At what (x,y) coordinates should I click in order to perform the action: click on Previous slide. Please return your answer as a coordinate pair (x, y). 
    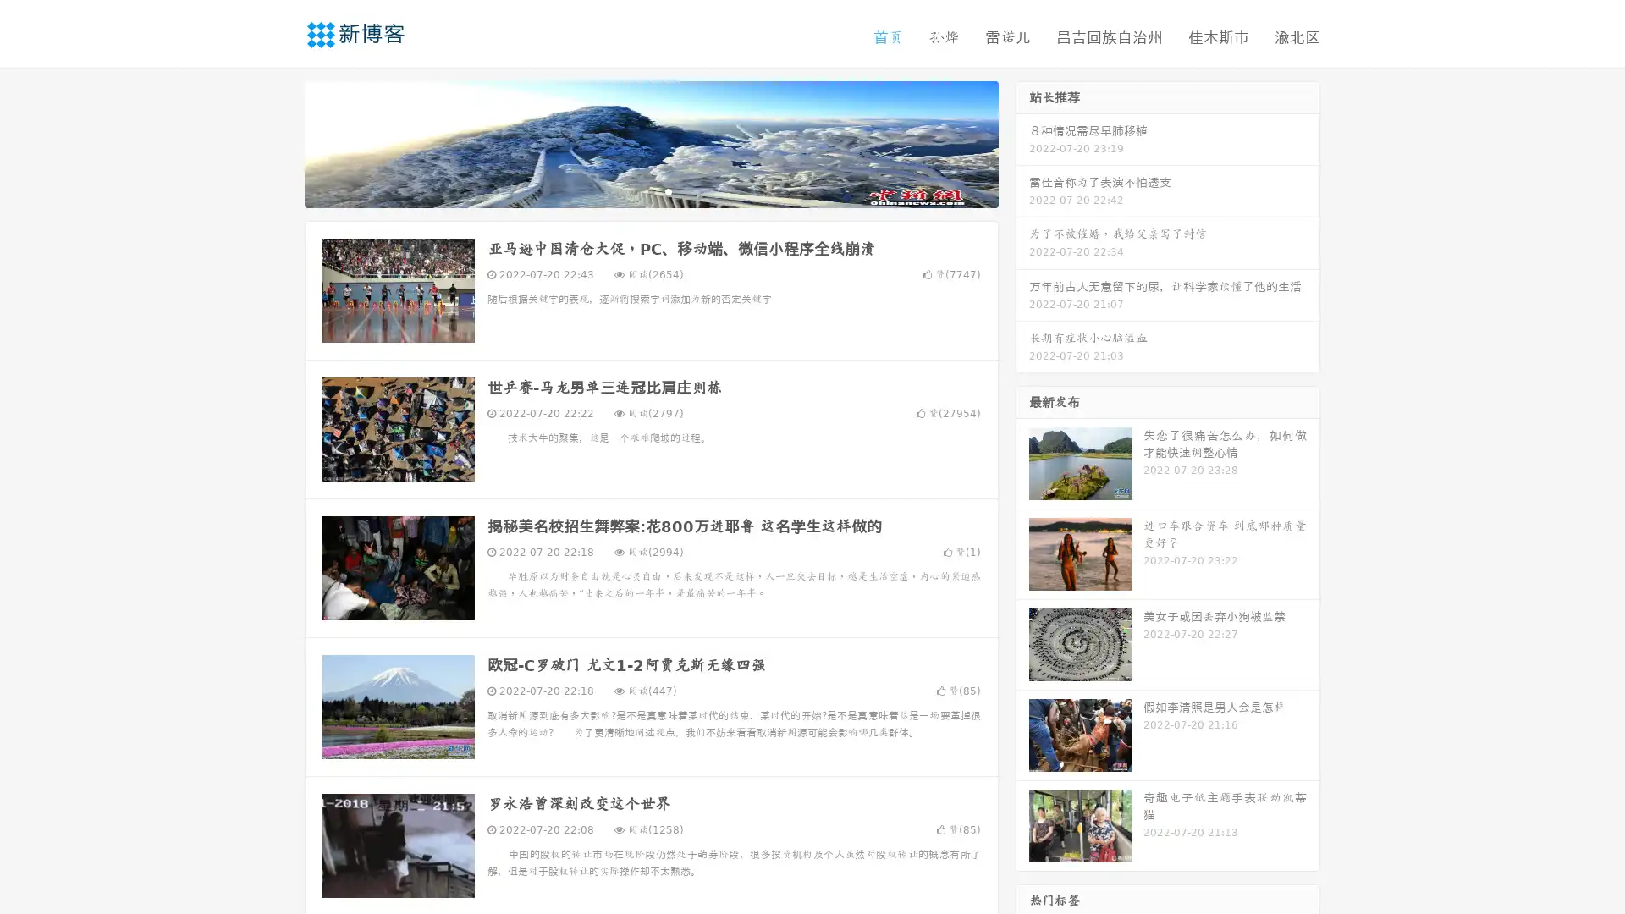
    Looking at the image, I should click on (279, 142).